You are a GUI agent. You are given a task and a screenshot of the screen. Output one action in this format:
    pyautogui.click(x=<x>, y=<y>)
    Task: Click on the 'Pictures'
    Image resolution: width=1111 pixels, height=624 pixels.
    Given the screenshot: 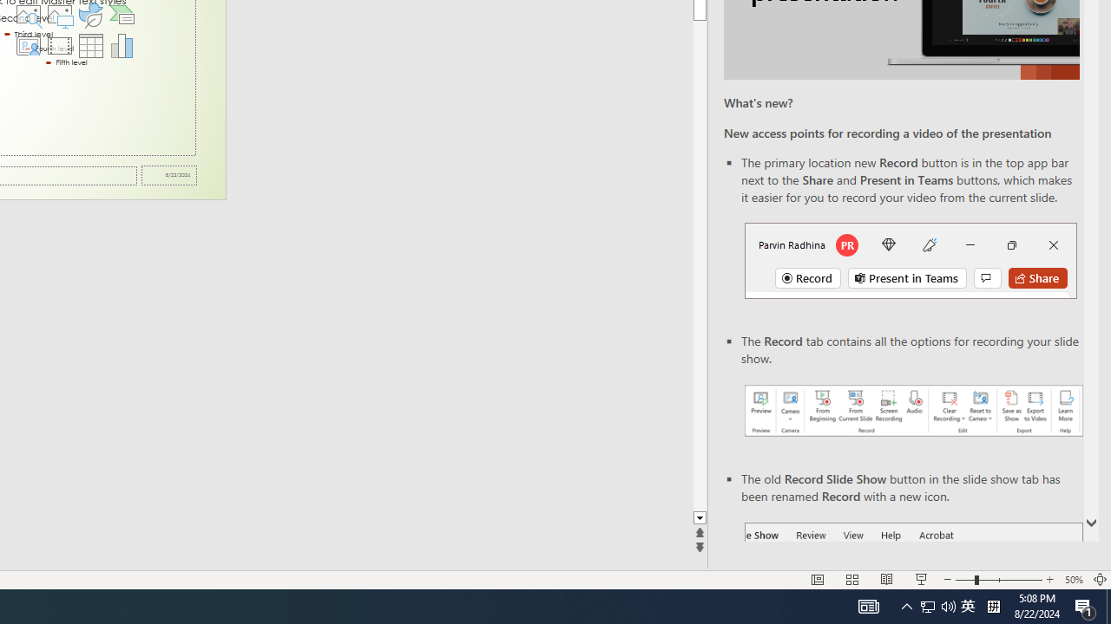 What is the action you would take?
    pyautogui.click(x=59, y=14)
    